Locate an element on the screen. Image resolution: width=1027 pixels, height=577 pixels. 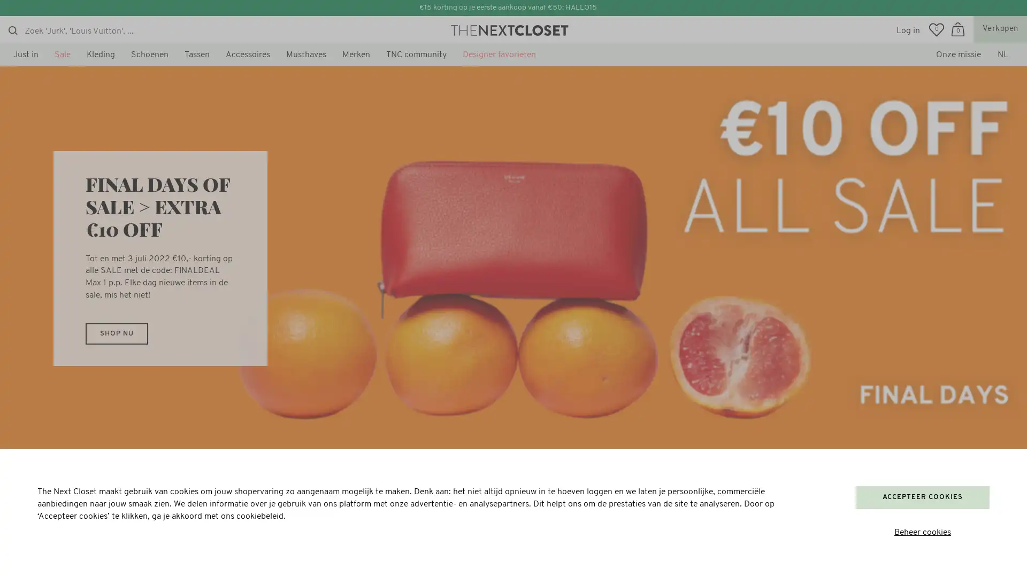
Beheer cookies is located at coordinates (922, 533).